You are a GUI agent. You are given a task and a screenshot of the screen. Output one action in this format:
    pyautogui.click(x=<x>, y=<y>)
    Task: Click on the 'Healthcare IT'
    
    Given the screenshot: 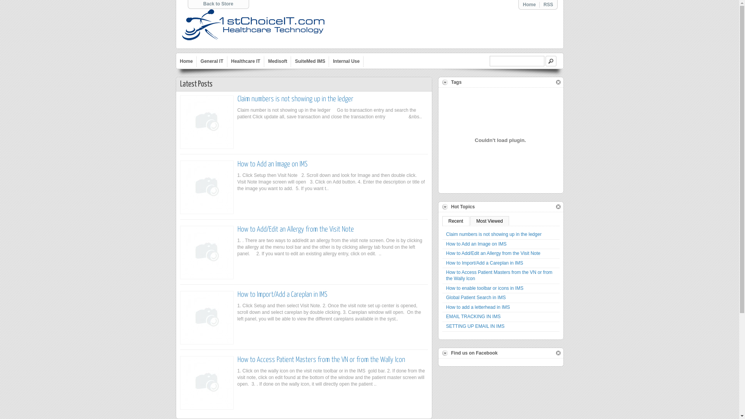 What is the action you would take?
    pyautogui.click(x=245, y=61)
    